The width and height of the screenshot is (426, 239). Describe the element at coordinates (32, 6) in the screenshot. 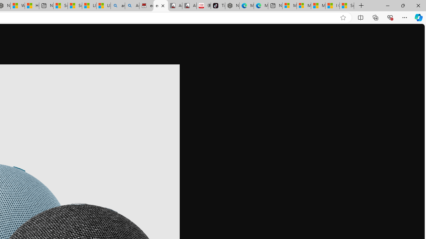

I see `'Huge shark washes ashore at New York City beach | Watch'` at that location.